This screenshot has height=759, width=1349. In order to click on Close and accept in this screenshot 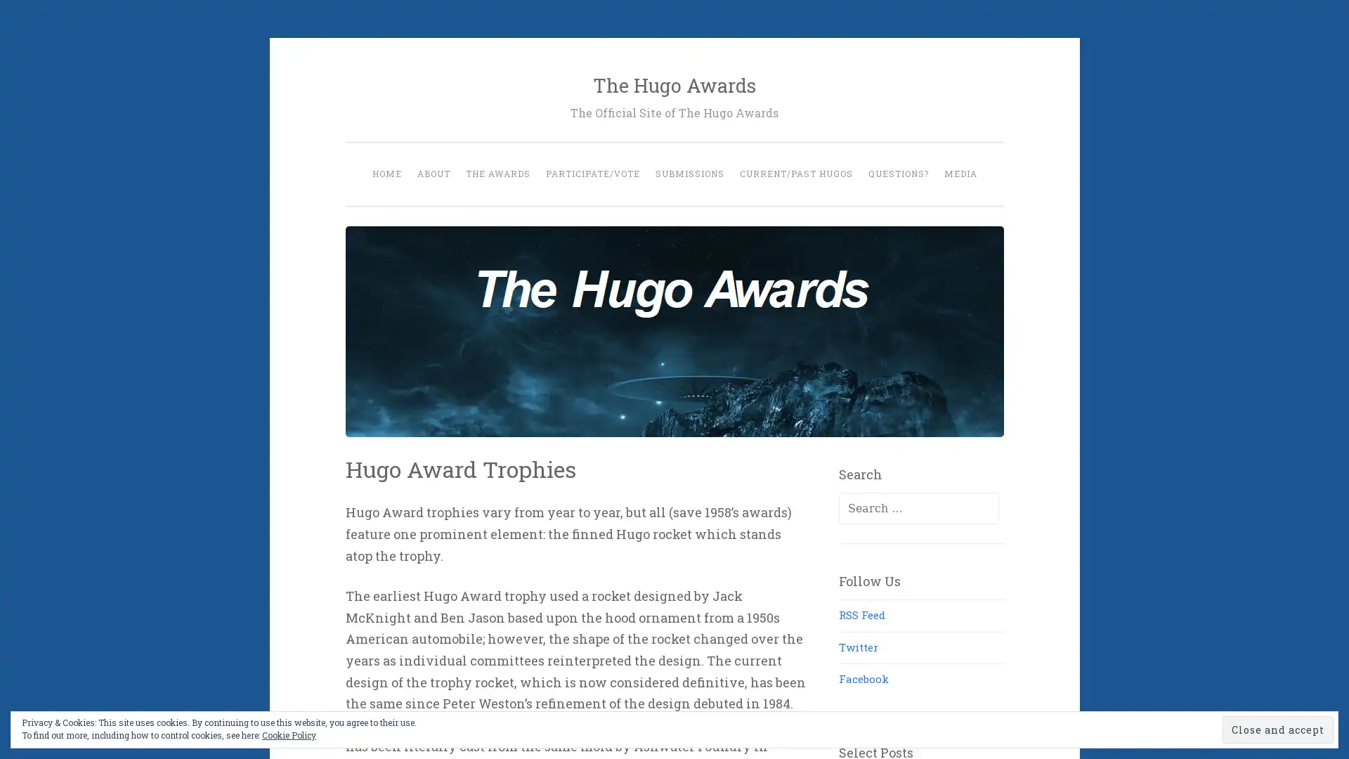, I will do `click(1278, 729)`.